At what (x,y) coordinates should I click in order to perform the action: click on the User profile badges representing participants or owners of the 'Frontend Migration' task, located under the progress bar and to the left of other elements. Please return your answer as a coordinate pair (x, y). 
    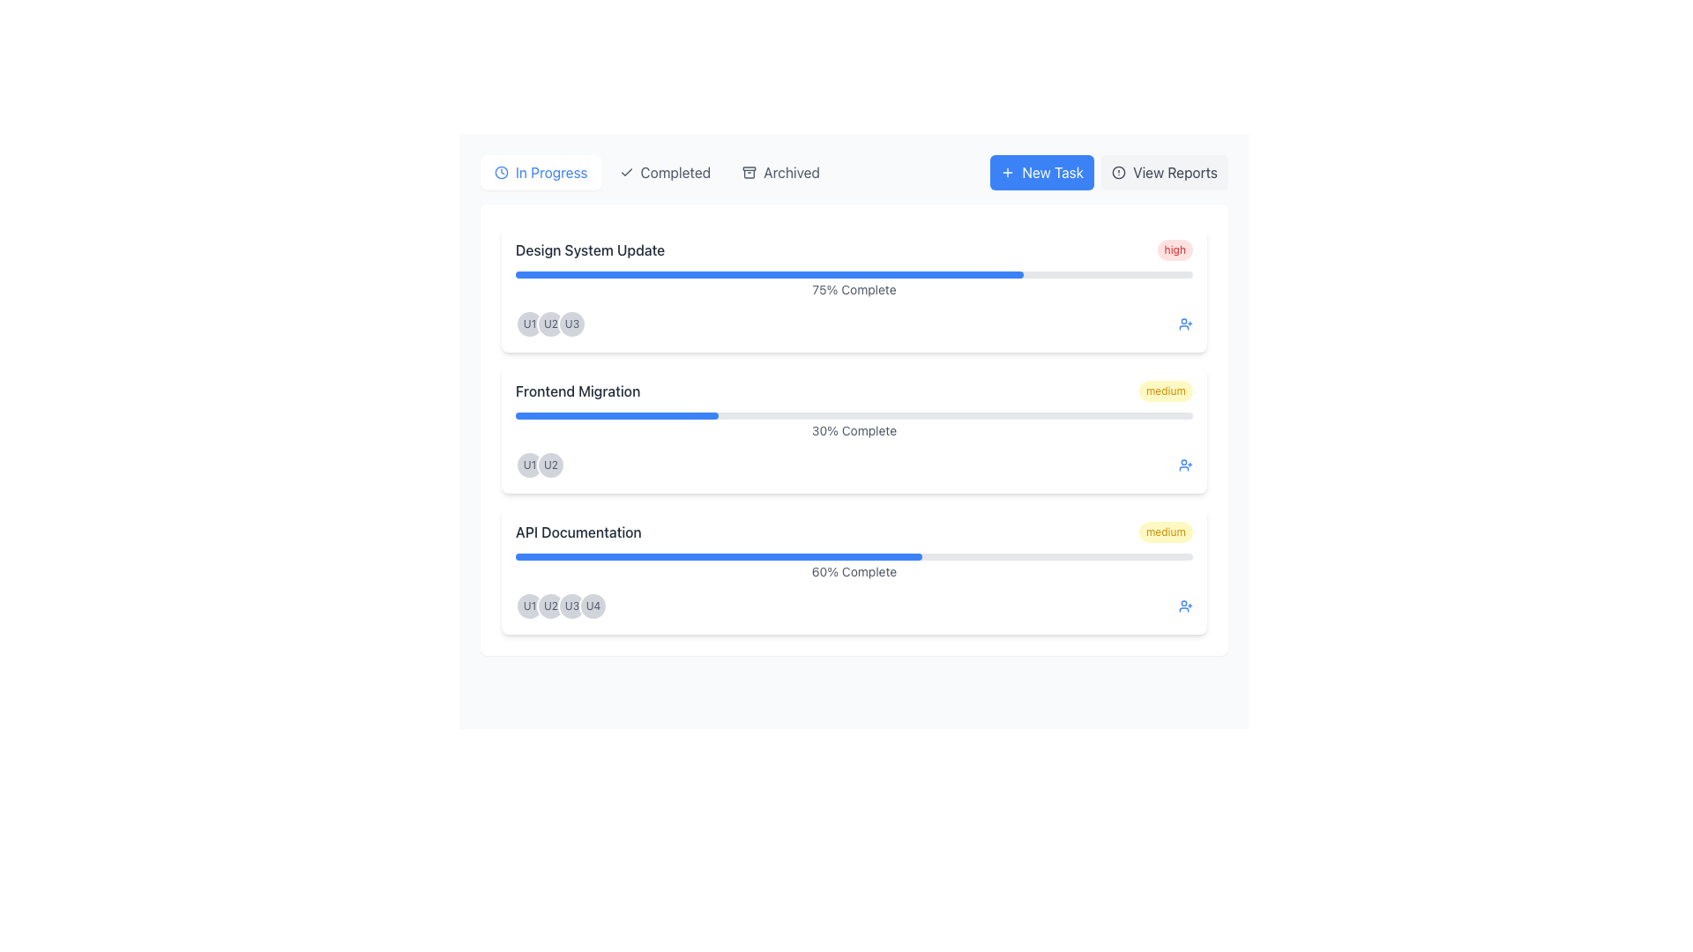
    Looking at the image, I should click on (540, 465).